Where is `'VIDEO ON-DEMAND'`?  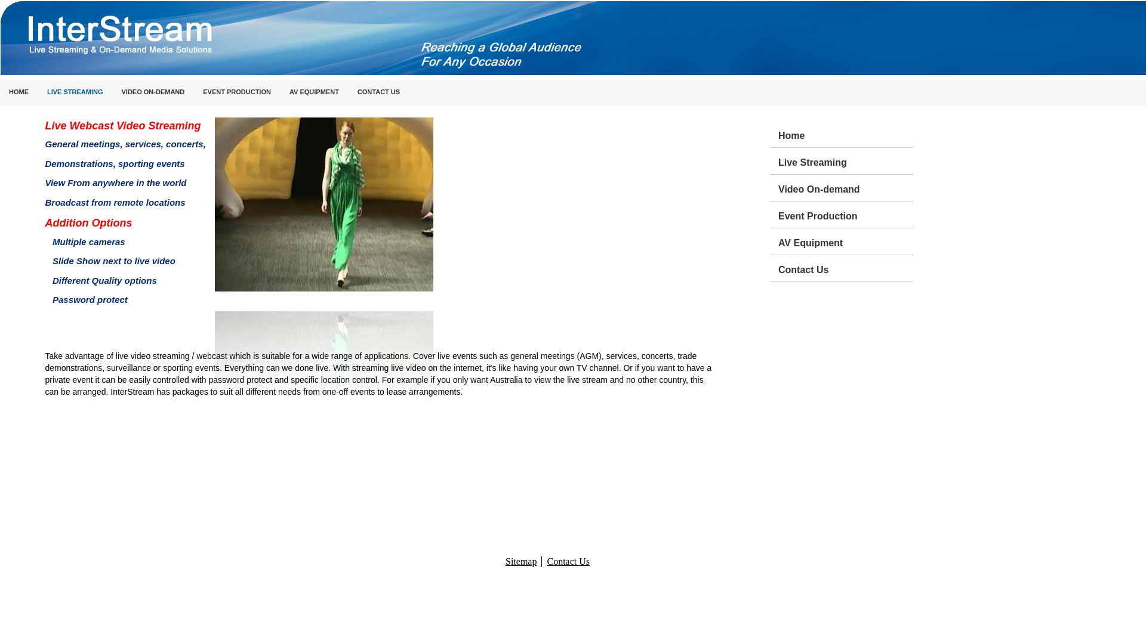 'VIDEO ON-DEMAND' is located at coordinates (153, 92).